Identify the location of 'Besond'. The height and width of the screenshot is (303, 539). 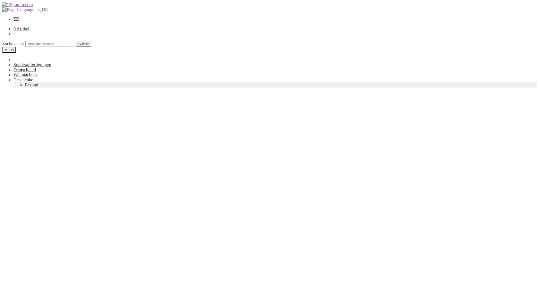
(31, 85).